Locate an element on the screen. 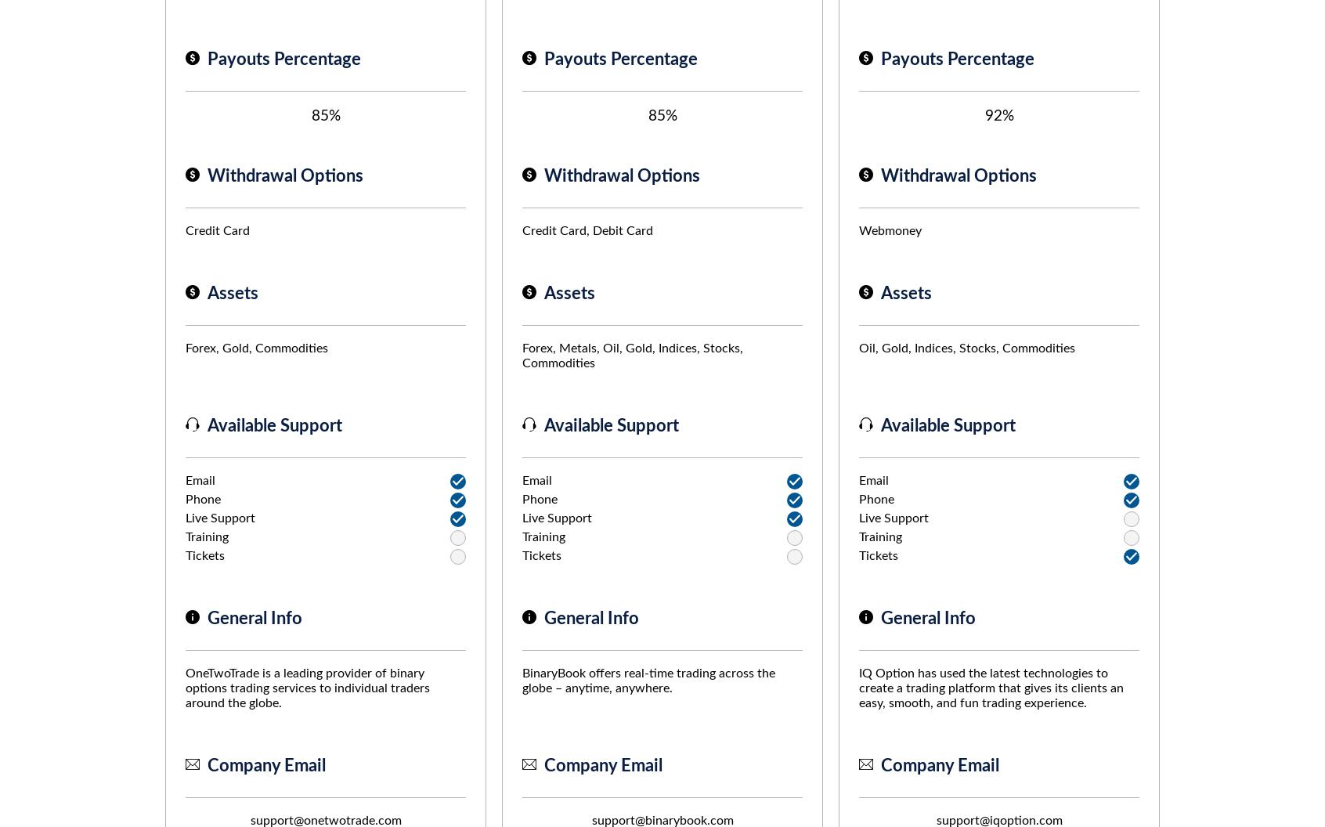 The width and height of the screenshot is (1325, 827). 'IQ Option has used the latest technologies to create a trading platform that gives its clients an easy, smooth, and fun trading experience.' is located at coordinates (991, 688).